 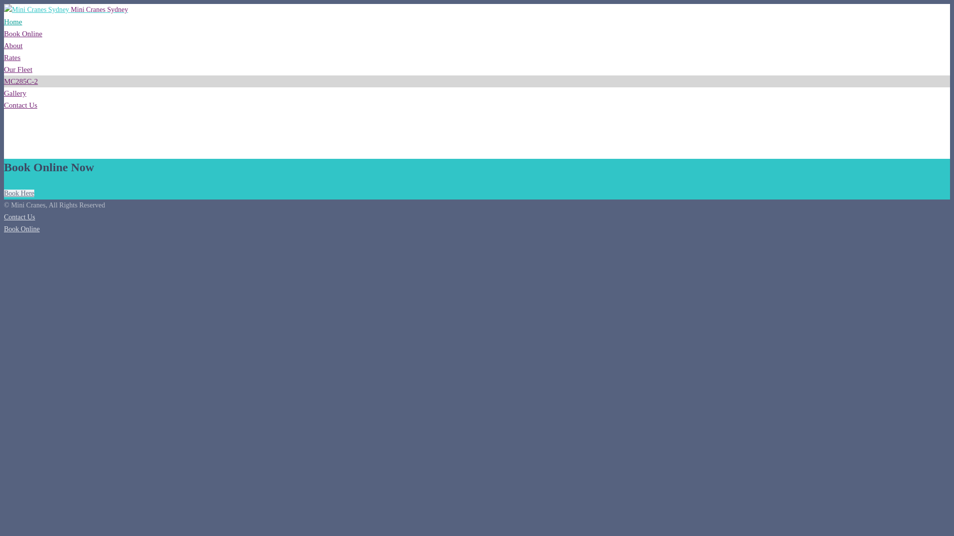 What do you see at coordinates (23, 33) in the screenshot?
I see `'Book Online'` at bounding box center [23, 33].